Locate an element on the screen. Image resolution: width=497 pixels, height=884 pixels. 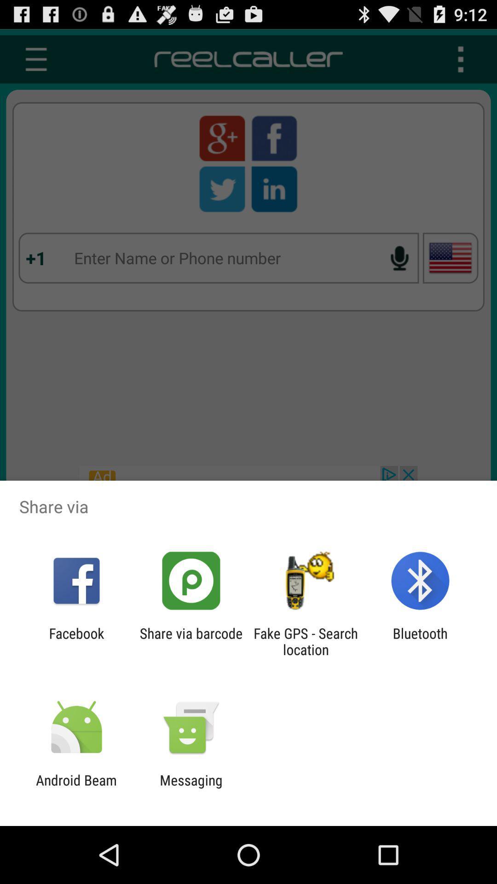
icon to the right of android beam app is located at coordinates (191, 788).